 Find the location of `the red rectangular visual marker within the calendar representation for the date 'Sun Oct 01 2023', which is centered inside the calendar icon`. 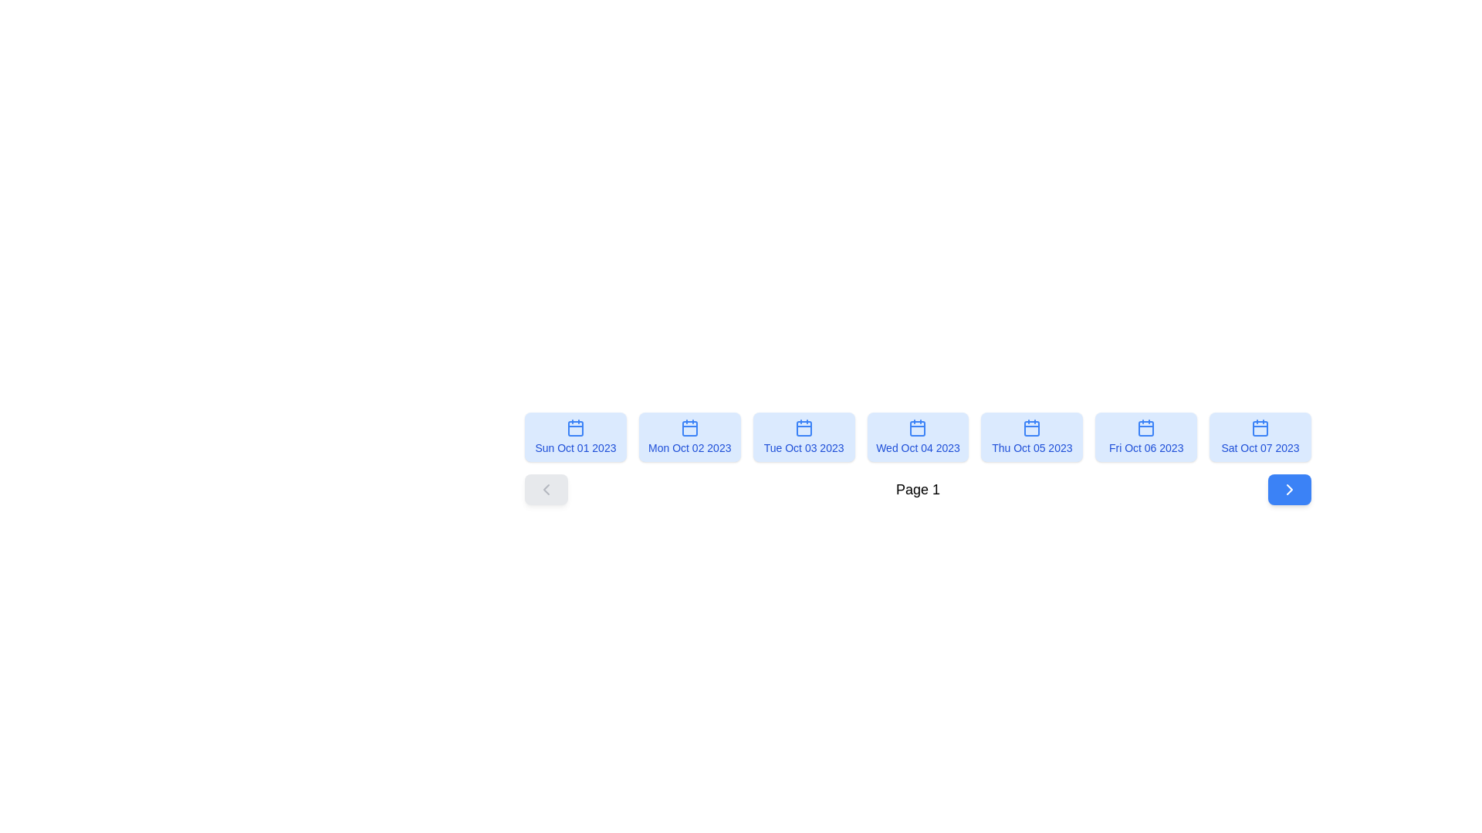

the red rectangular visual marker within the calendar representation for the date 'Sun Oct 01 2023', which is centered inside the calendar icon is located at coordinates (574, 428).